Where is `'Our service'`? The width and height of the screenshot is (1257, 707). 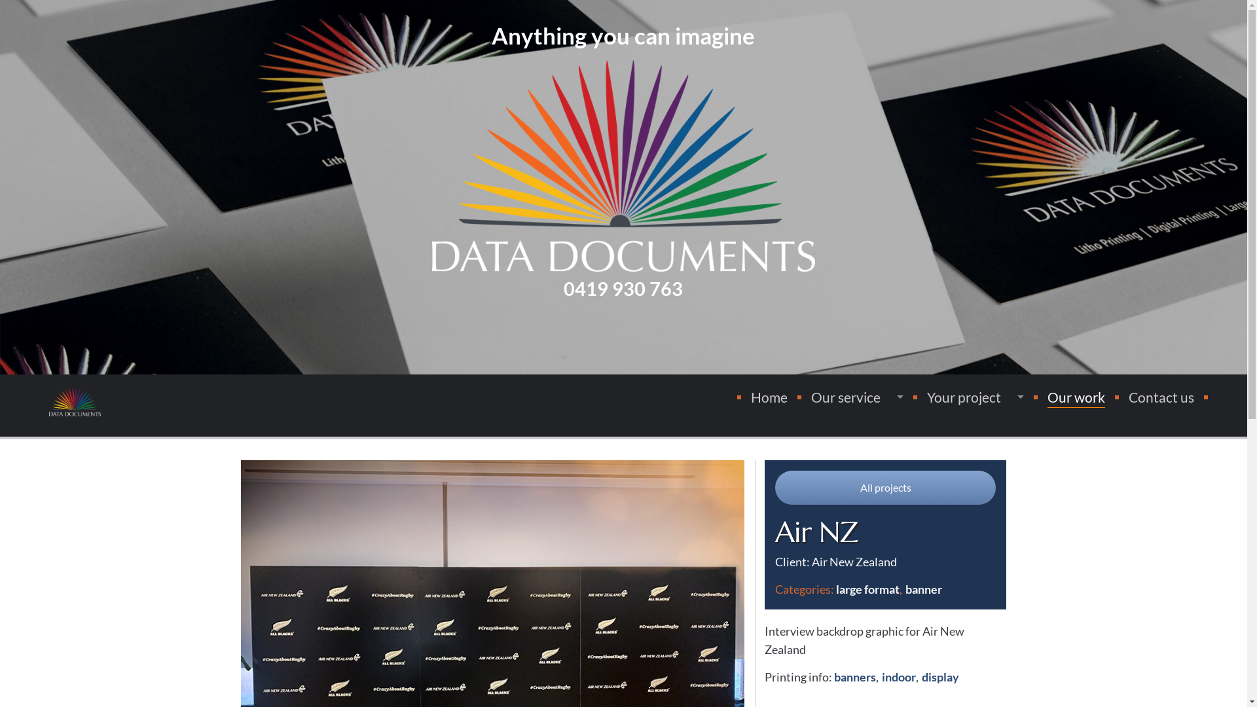 'Our service' is located at coordinates (857, 396).